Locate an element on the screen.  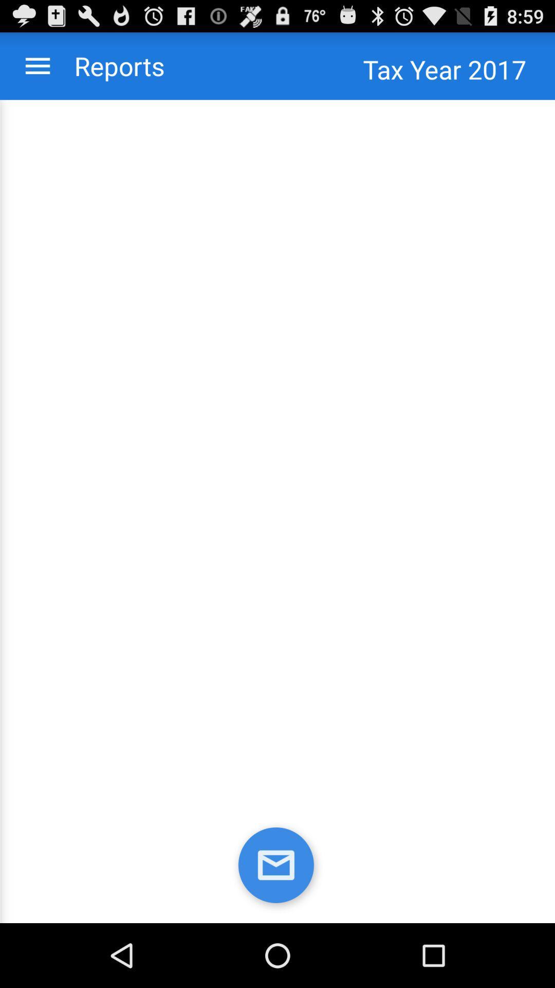
show more items is located at coordinates (37, 65).